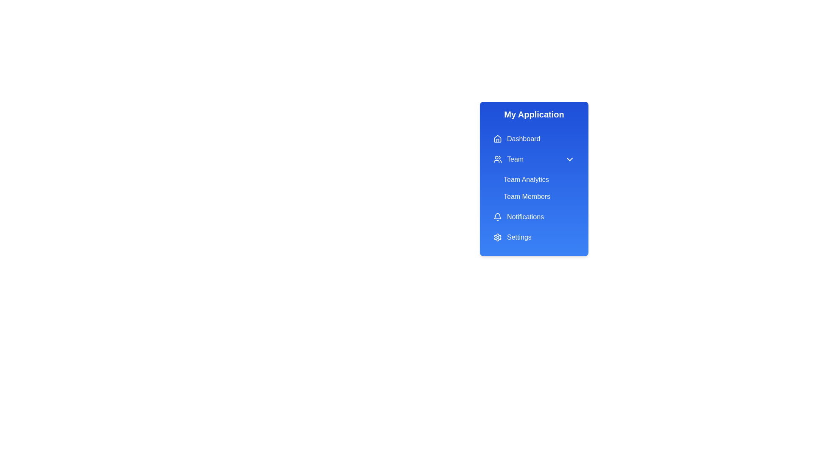  What do you see at coordinates (533, 138) in the screenshot?
I see `the 'Dashboard' menu button, which is the first entry in the vertical navigation menu styled with white text on a blue background` at bounding box center [533, 138].